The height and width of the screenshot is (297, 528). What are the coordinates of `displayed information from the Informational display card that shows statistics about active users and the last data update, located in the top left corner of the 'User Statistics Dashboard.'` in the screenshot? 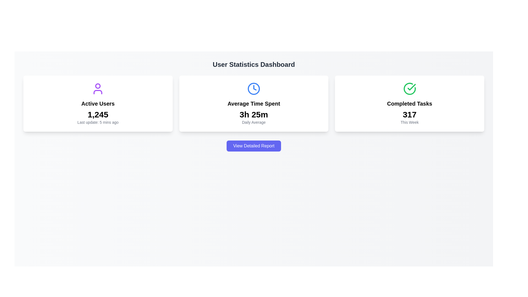 It's located at (98, 104).